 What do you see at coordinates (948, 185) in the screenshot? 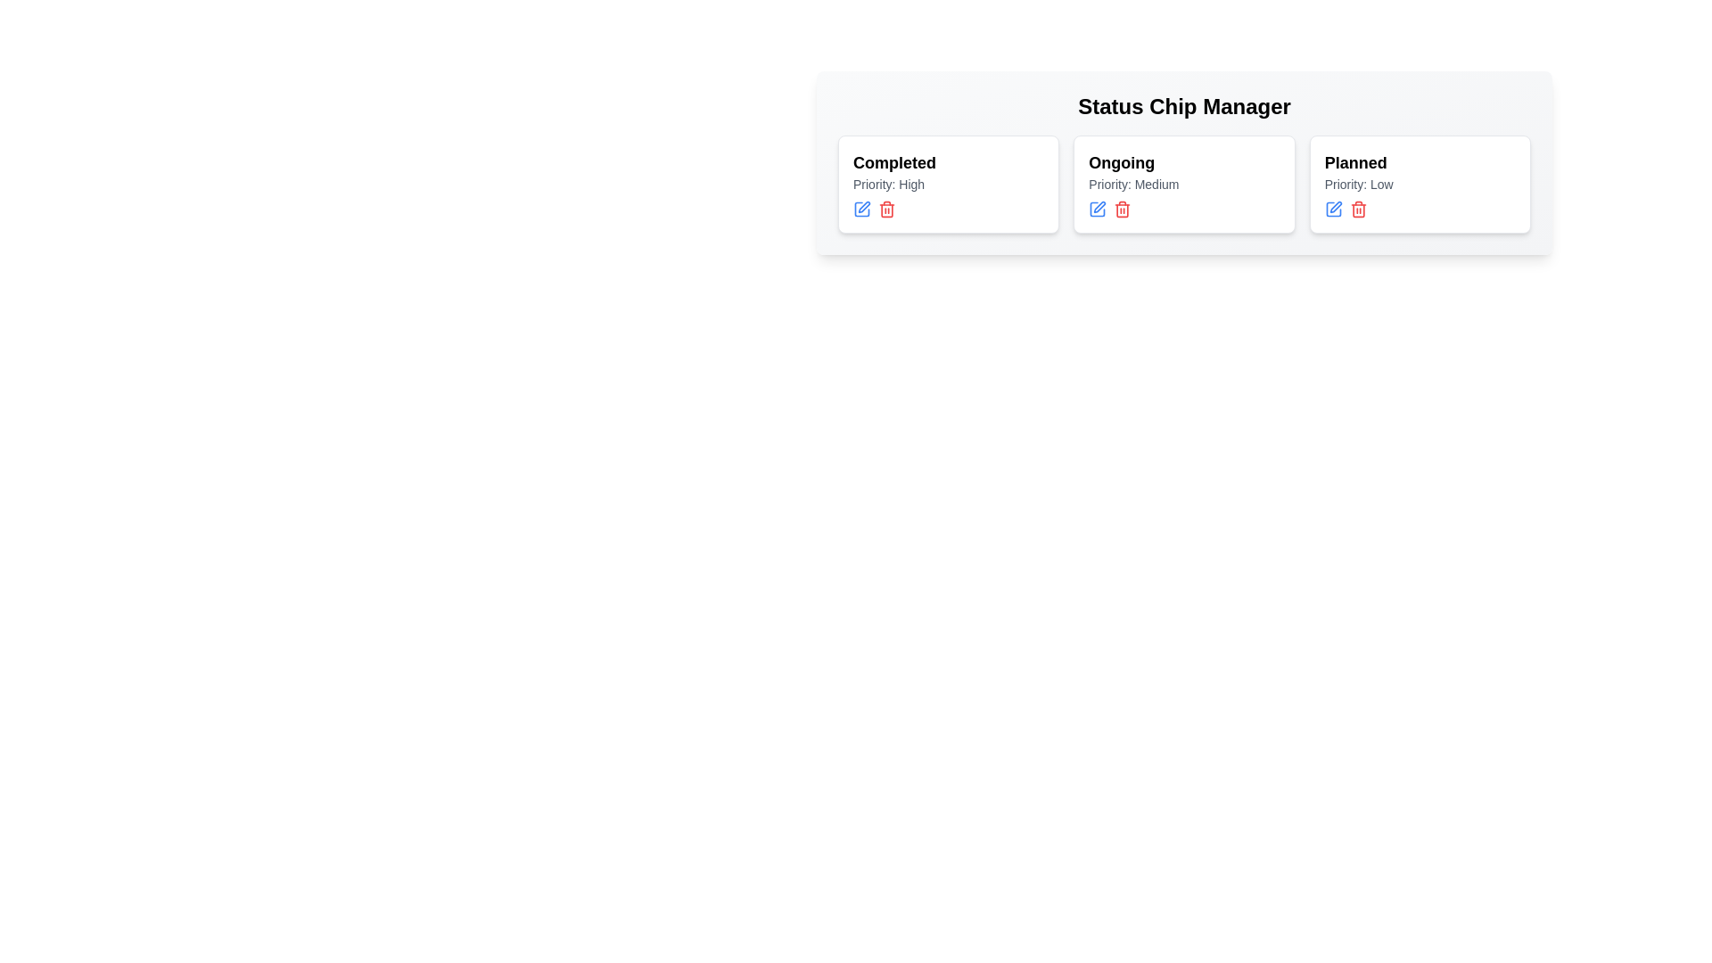
I see `the chip card labeled Completed to view its details` at bounding box center [948, 185].